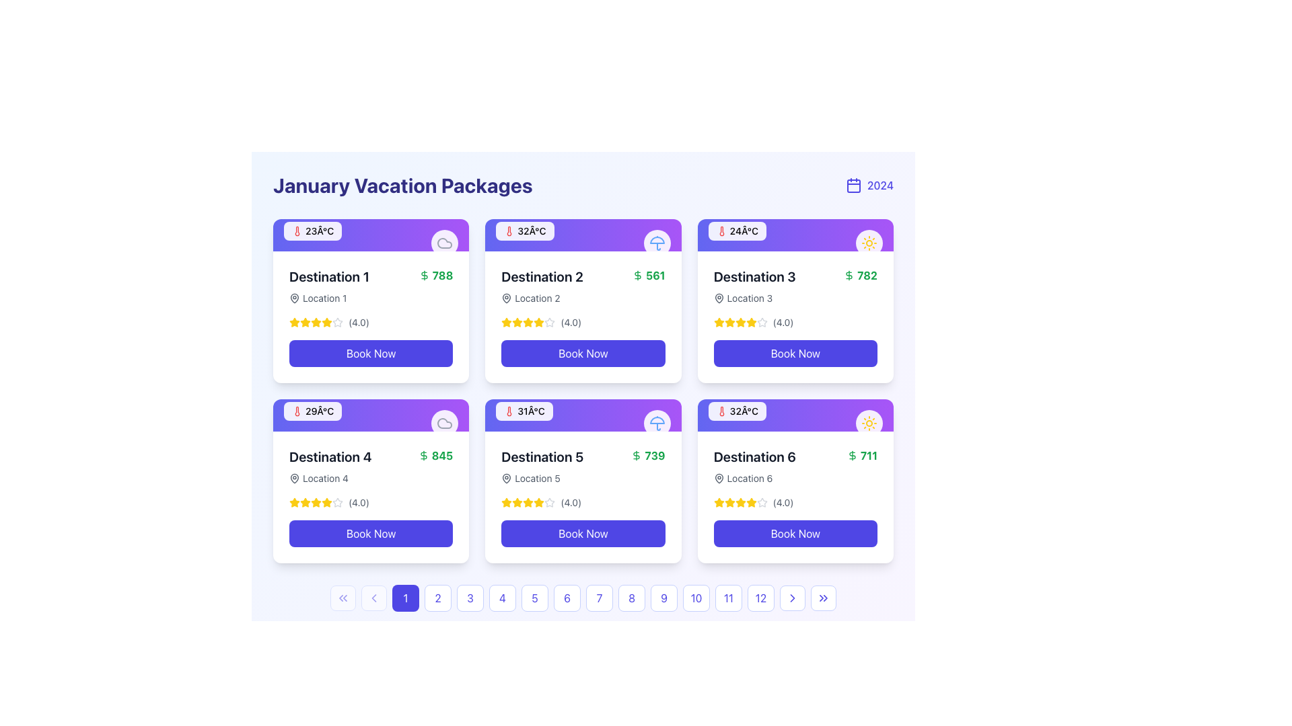 The height and width of the screenshot is (726, 1292). Describe the element at coordinates (869, 422) in the screenshot. I see `the details of the circular icon with a white background and a bright yellow sun-like graphic located in the top-right corner of the card labeled 'Destination 6'` at that location.